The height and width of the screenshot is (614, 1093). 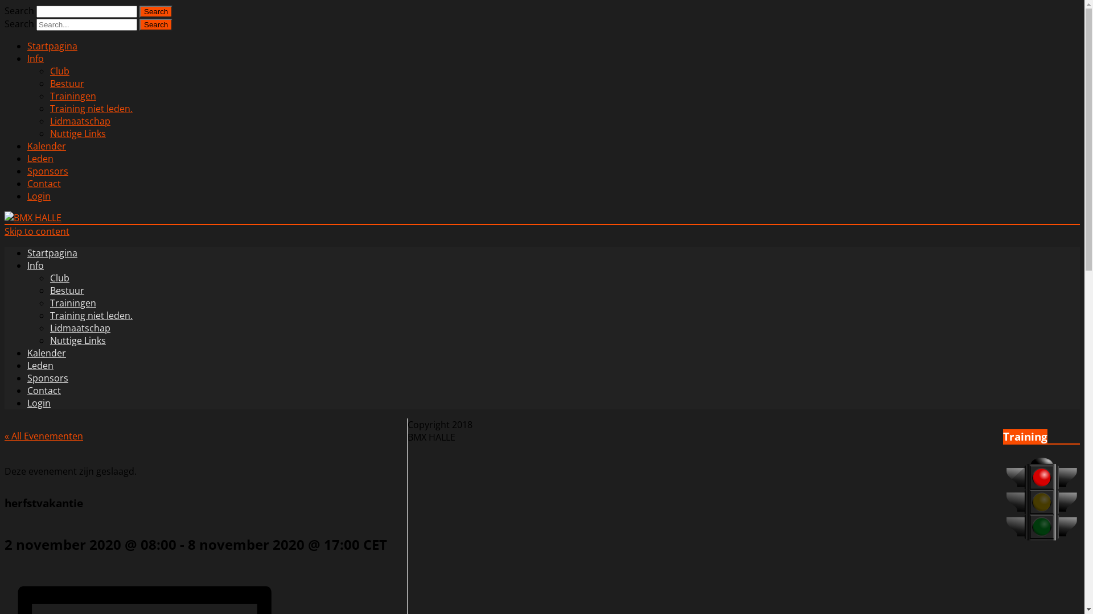 What do you see at coordinates (51, 252) in the screenshot?
I see `'Startpagina'` at bounding box center [51, 252].